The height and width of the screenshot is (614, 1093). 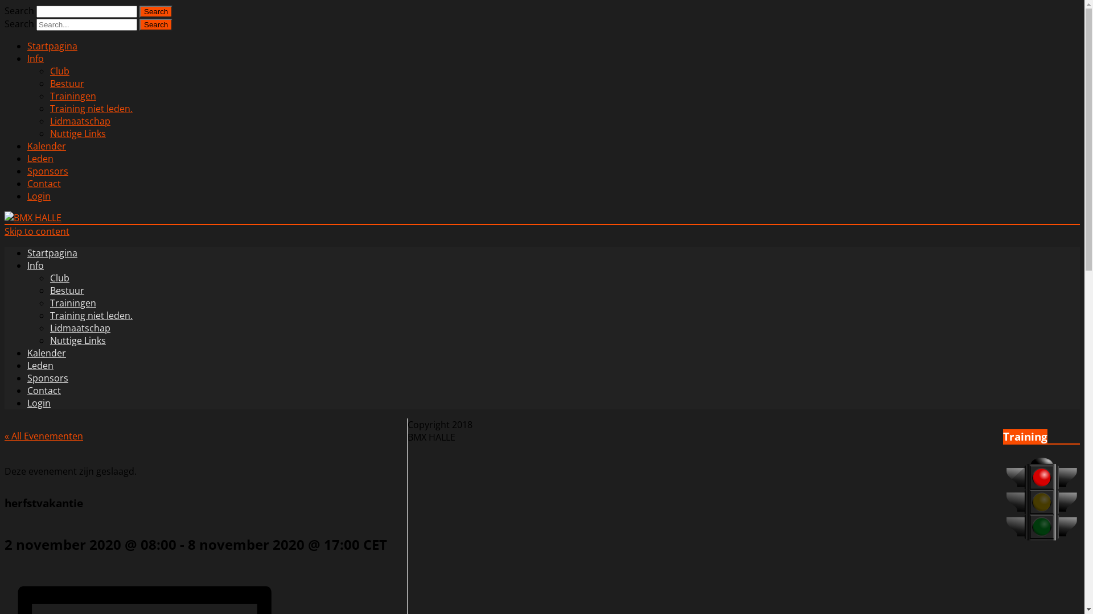 What do you see at coordinates (51, 252) in the screenshot?
I see `'Startpagina'` at bounding box center [51, 252].